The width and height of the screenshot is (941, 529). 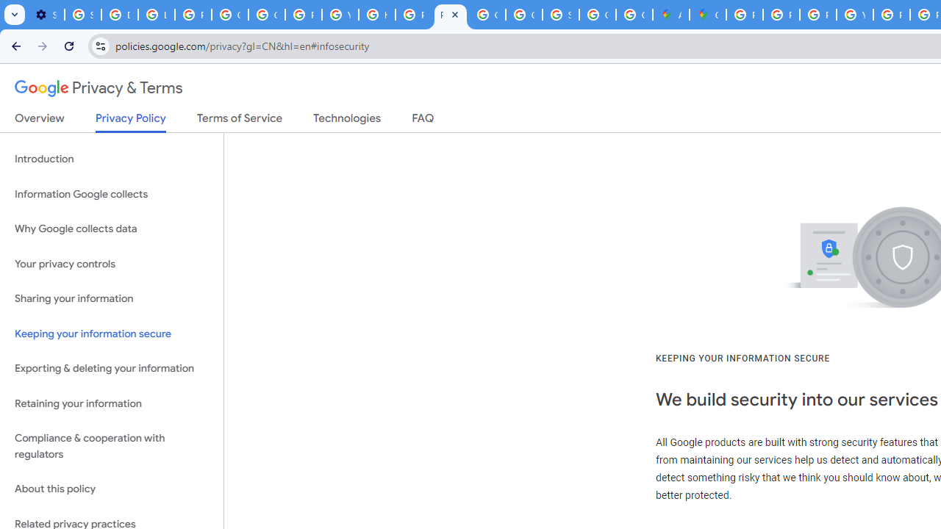 I want to click on 'Your privacy controls', so click(x=111, y=263).